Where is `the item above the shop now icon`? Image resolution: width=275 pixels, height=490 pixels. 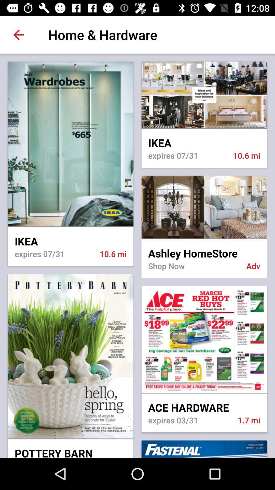
the item above the shop now icon is located at coordinates (204, 250).